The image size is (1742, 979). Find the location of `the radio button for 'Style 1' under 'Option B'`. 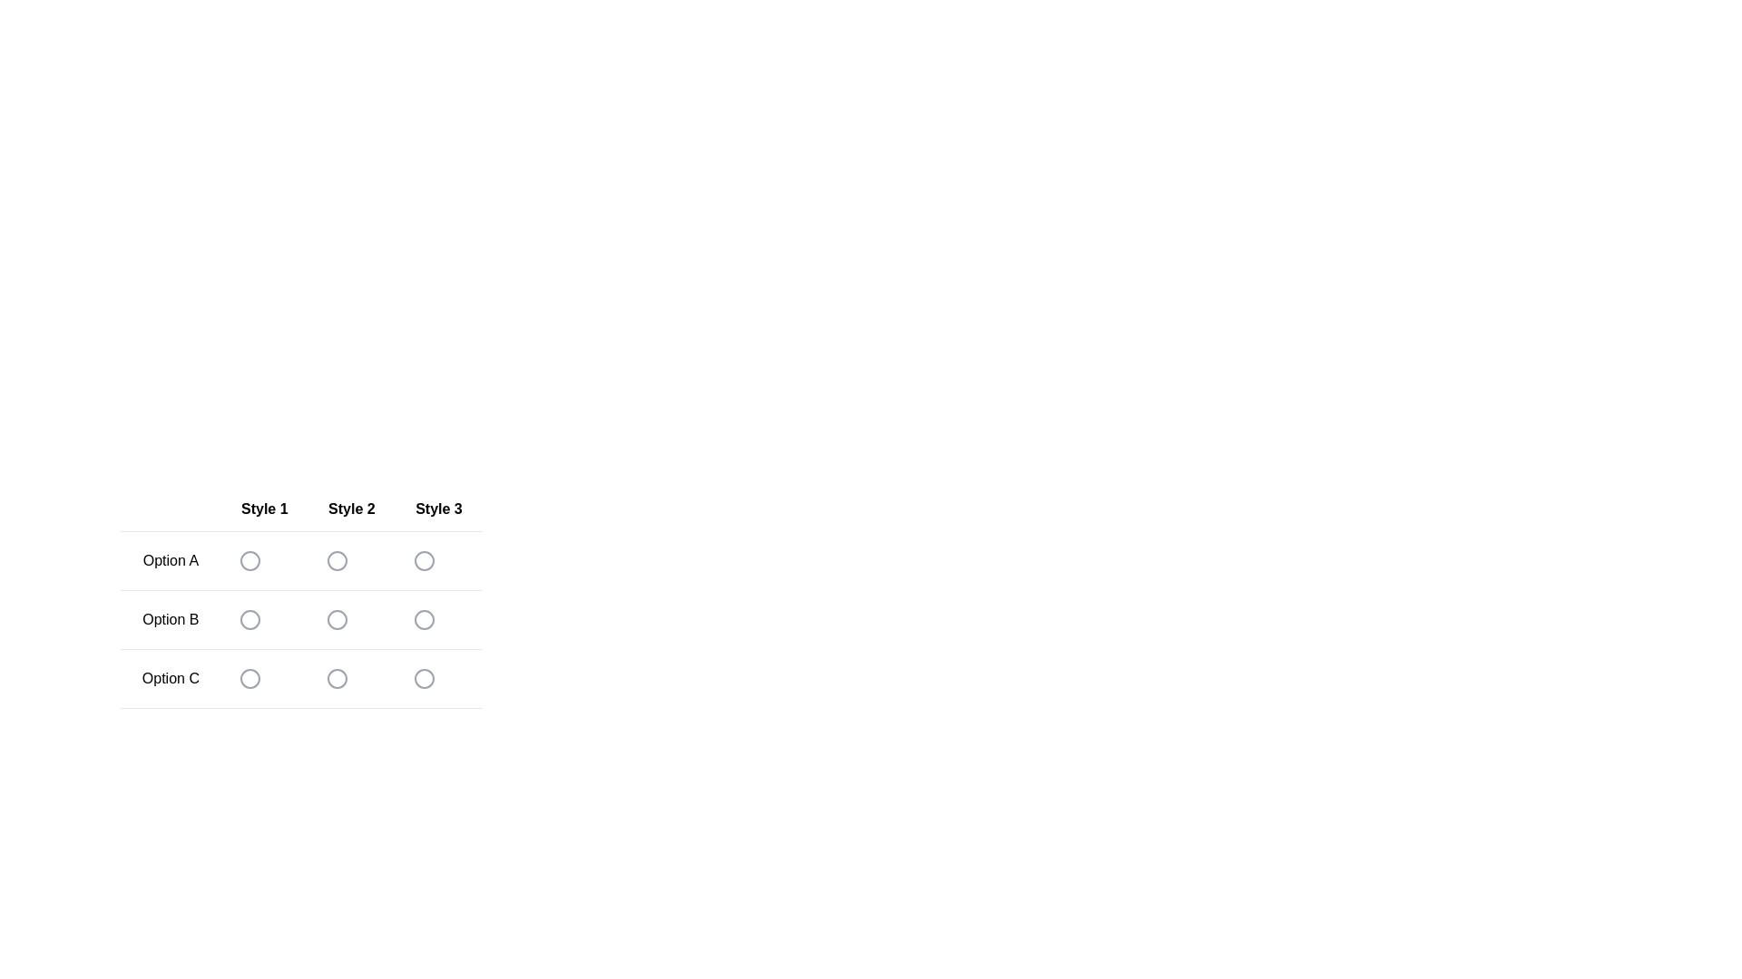

the radio button for 'Style 1' under 'Option B' is located at coordinates (263, 618).